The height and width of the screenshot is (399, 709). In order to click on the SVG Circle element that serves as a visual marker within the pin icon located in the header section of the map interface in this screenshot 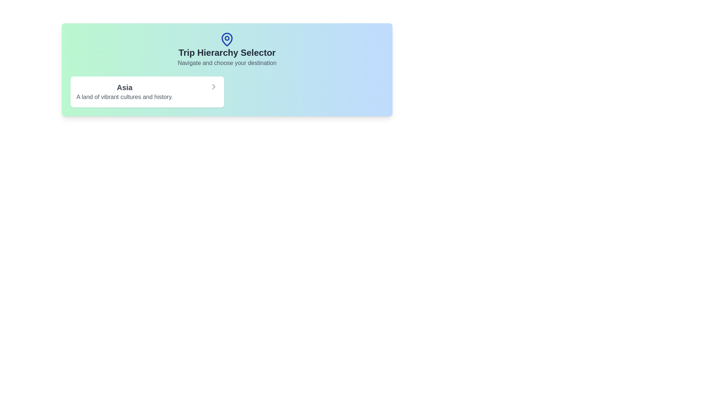, I will do `click(226, 38)`.